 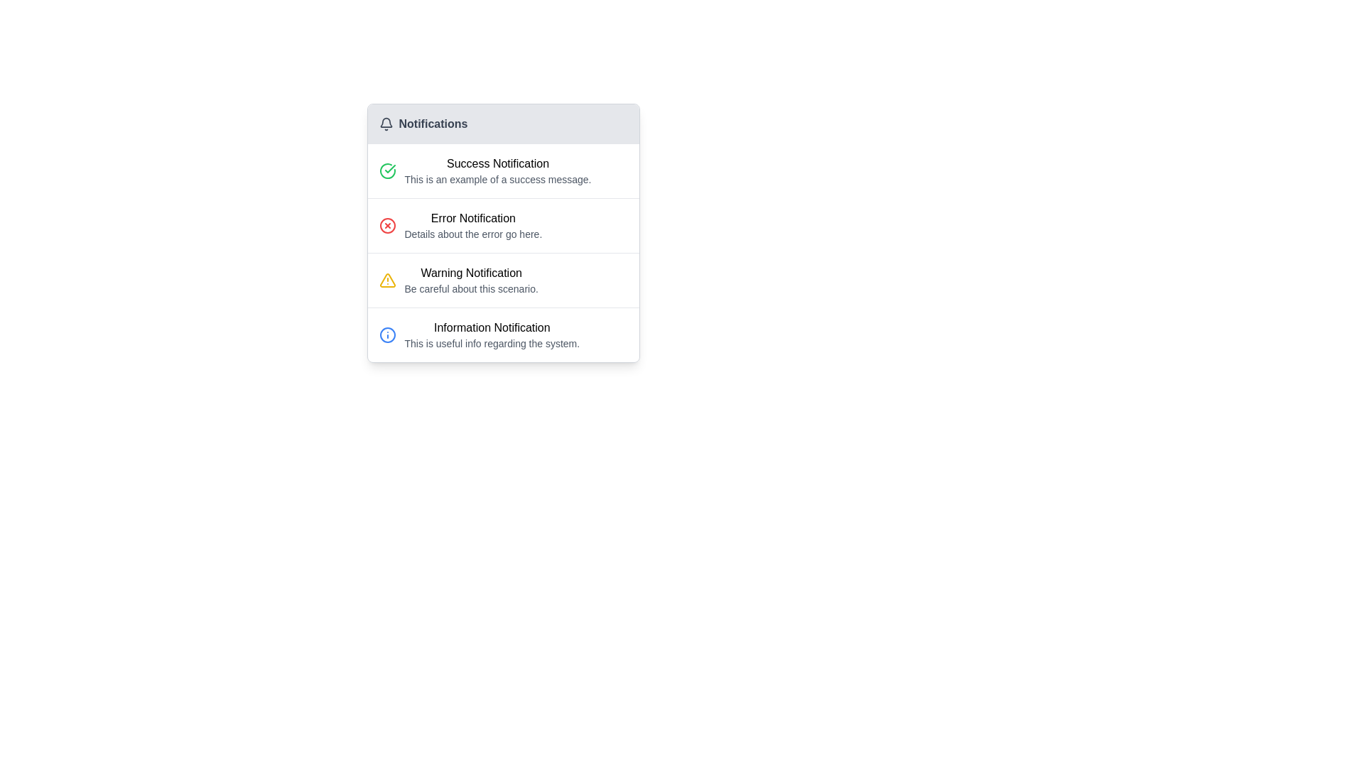 What do you see at coordinates (471, 273) in the screenshot?
I see `the 'Warning Notification' text label, which is styled in bold or medium weight and serves as the title of a yellow-themed warning notification in a notification system interface` at bounding box center [471, 273].